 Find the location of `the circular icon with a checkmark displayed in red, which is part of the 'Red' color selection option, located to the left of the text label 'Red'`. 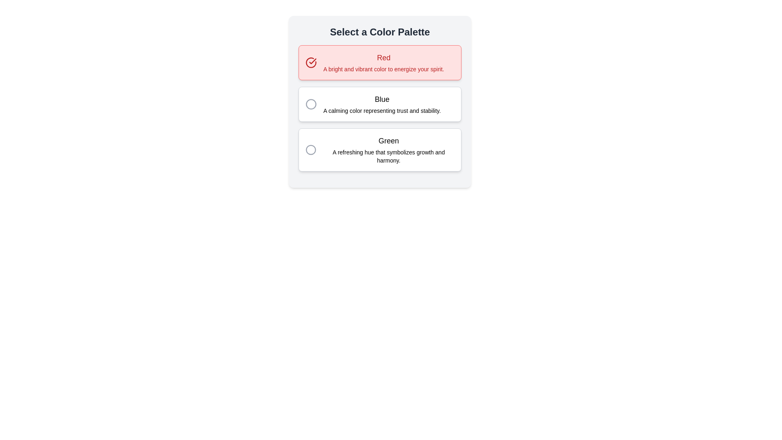

the circular icon with a checkmark displayed in red, which is part of the 'Red' color selection option, located to the left of the text label 'Red' is located at coordinates (310, 62).